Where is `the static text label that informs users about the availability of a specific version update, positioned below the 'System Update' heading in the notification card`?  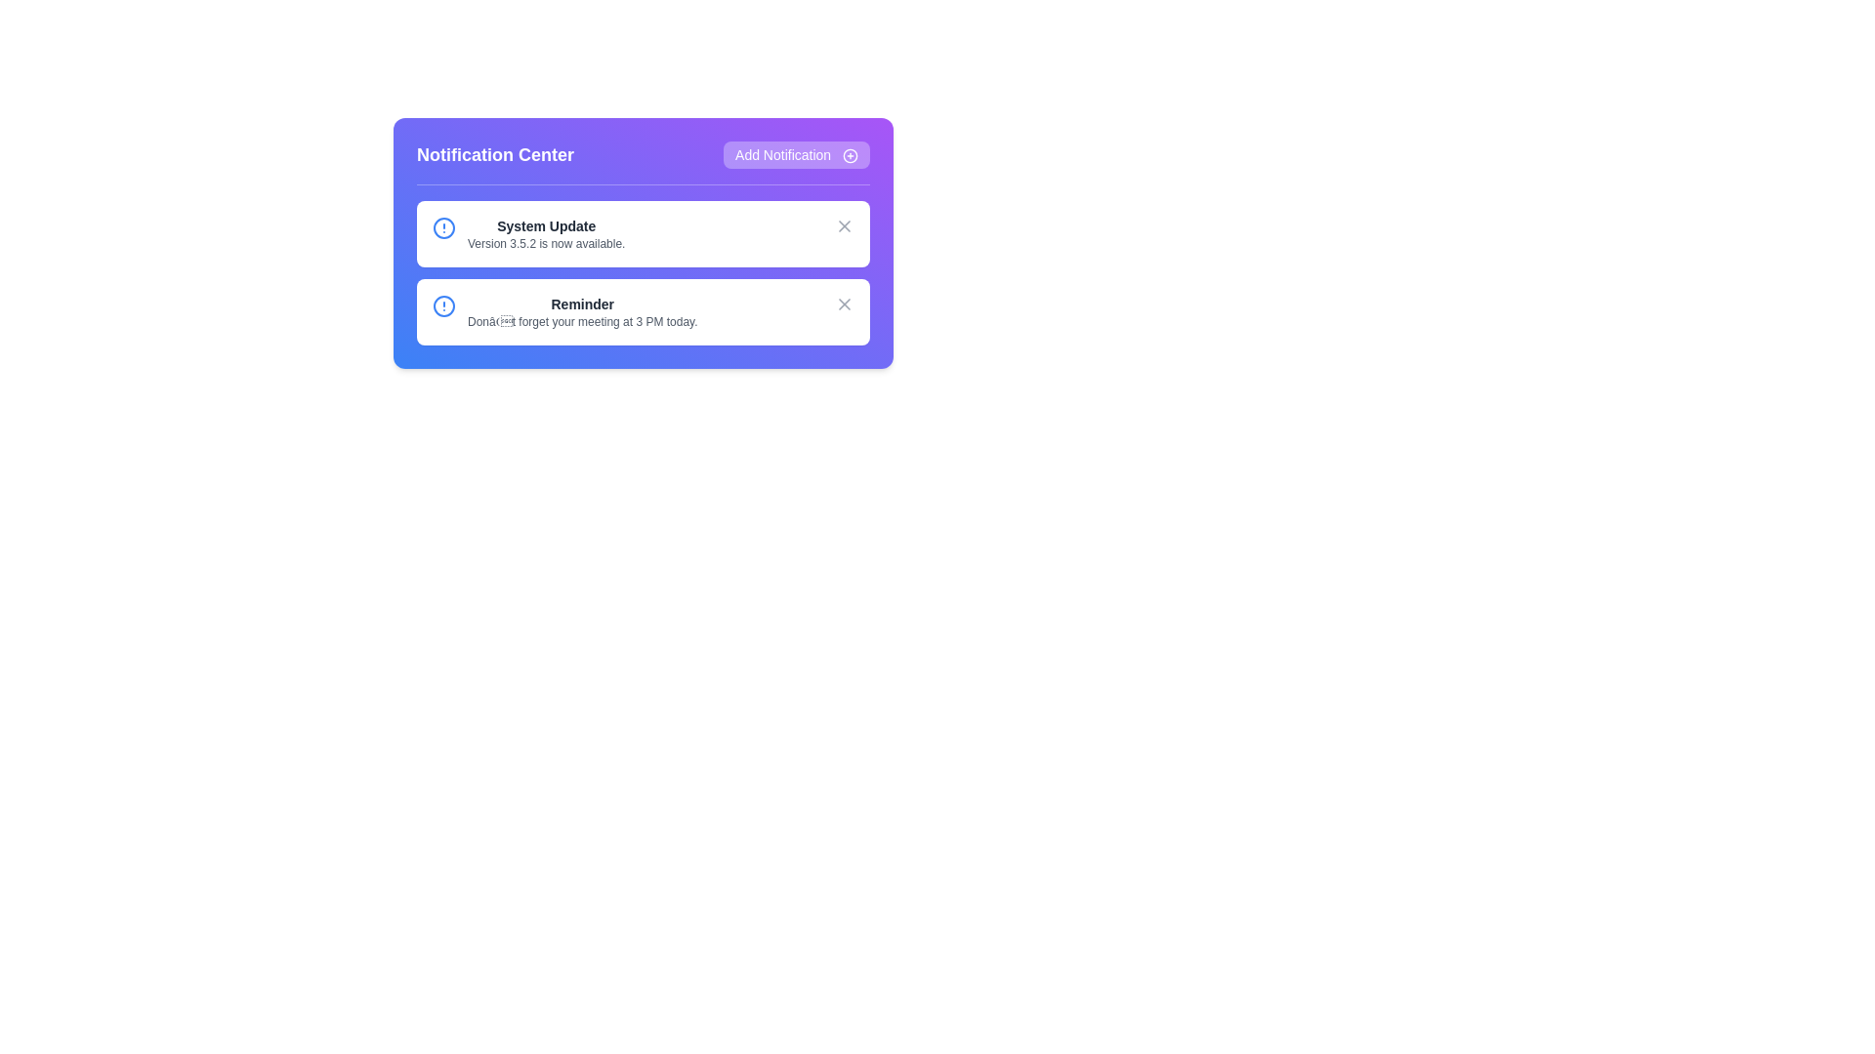 the static text label that informs users about the availability of a specific version update, positioned below the 'System Update' heading in the notification card is located at coordinates (546, 243).